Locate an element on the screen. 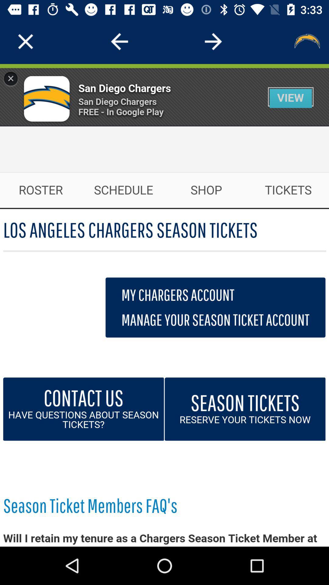 The height and width of the screenshot is (585, 329). icon at the top right corner is located at coordinates (306, 41).